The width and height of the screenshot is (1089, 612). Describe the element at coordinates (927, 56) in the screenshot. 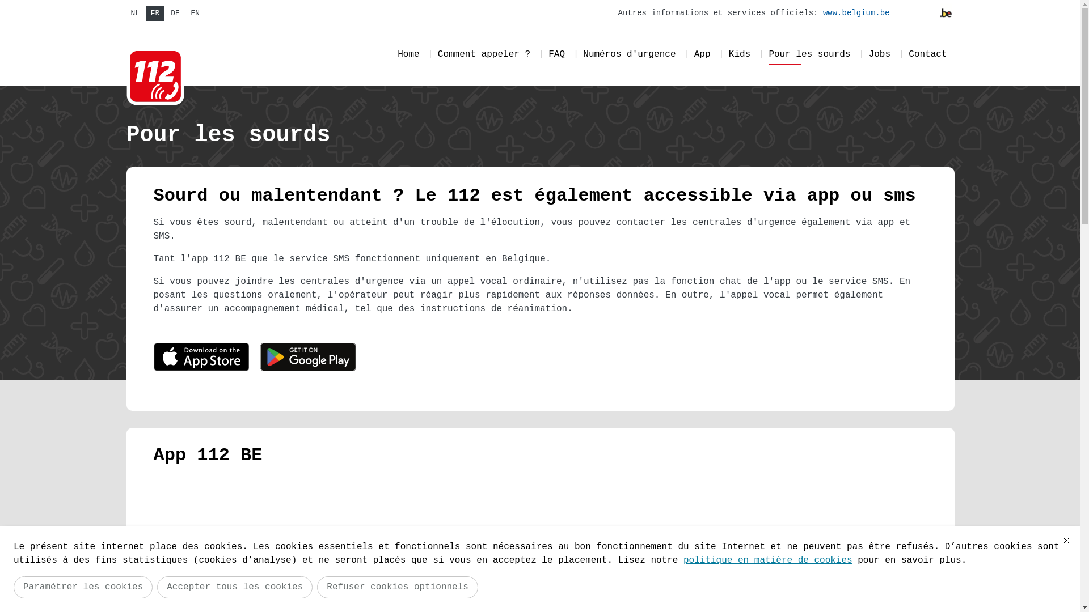

I see `'Contact'` at that location.